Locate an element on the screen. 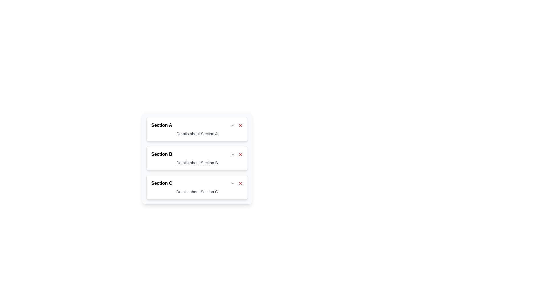 The width and height of the screenshot is (547, 307). the close icon button located in the top-right corner of 'Section C' to receive a tooltip or visual effect is located at coordinates (240, 183).